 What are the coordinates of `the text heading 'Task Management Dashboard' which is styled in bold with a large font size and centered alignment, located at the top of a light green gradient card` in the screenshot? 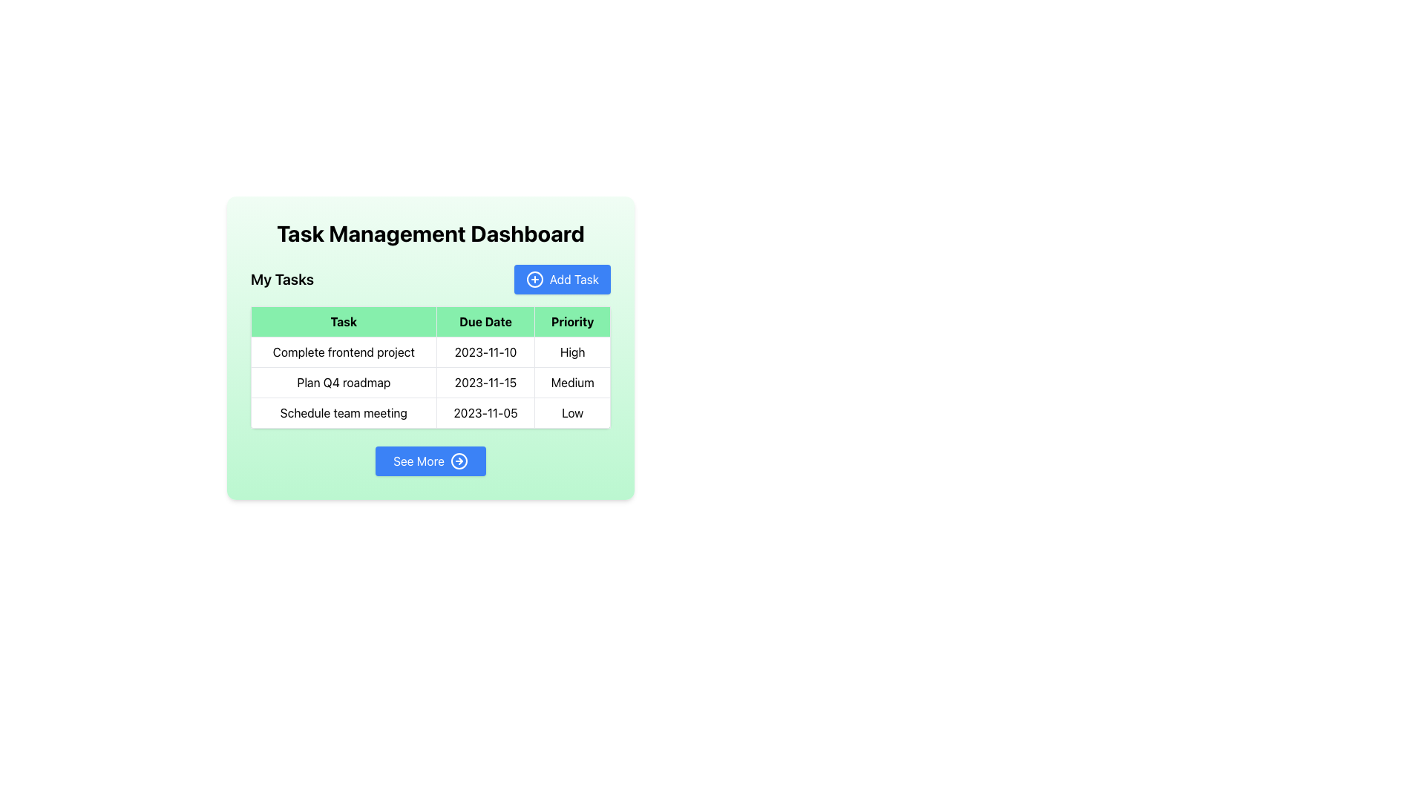 It's located at (430, 234).